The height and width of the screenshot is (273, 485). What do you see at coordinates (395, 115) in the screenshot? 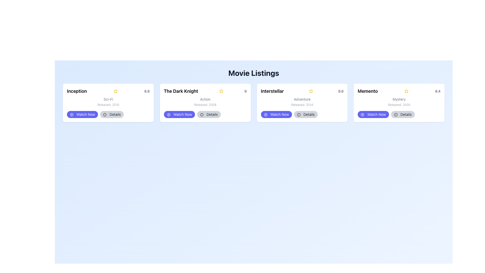
I see `the circular part of the information icon, which is part of the SVG graphic located to the left of the 'Watch Now' button in the film 'Memento' card` at bounding box center [395, 115].